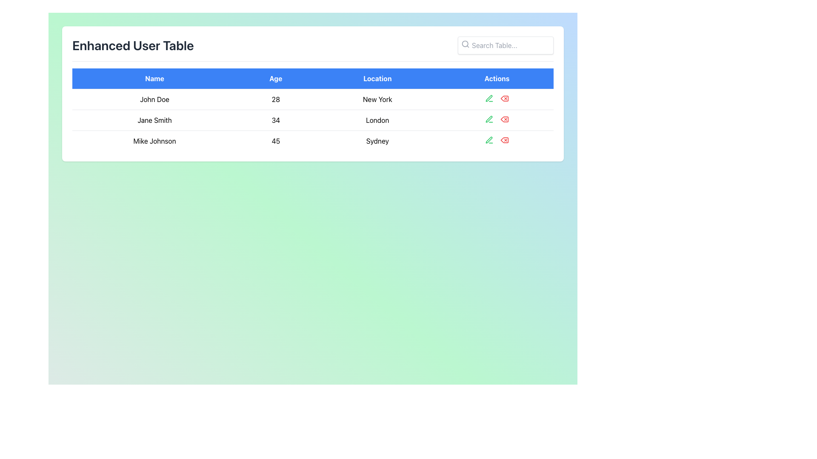  What do you see at coordinates (154, 79) in the screenshot?
I see `the Table Header element labeled 'Name', which is a blue rectangular area with white text, located at the leftmost part of the column headers in the table layout` at bounding box center [154, 79].